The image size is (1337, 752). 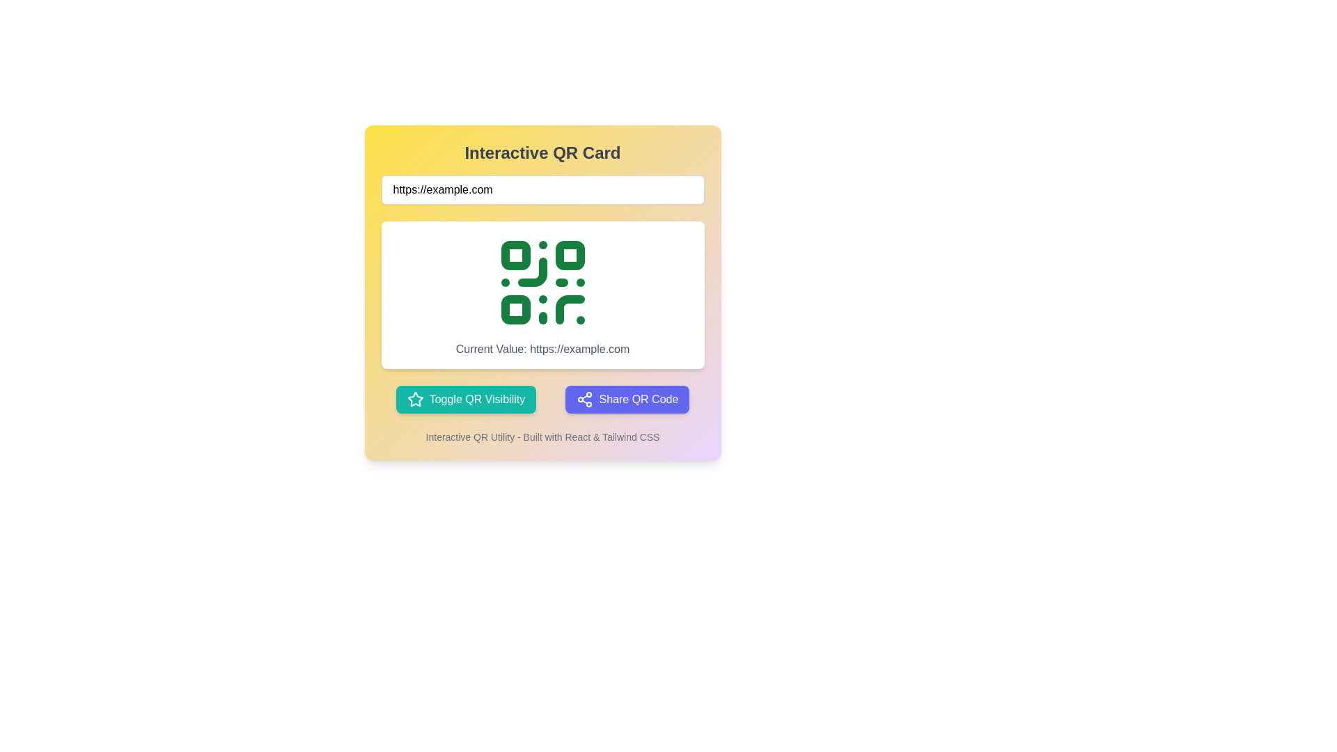 What do you see at coordinates (585, 400) in the screenshot?
I see `the 'Share' icon located to the left of the 'Share QR Code' button` at bounding box center [585, 400].